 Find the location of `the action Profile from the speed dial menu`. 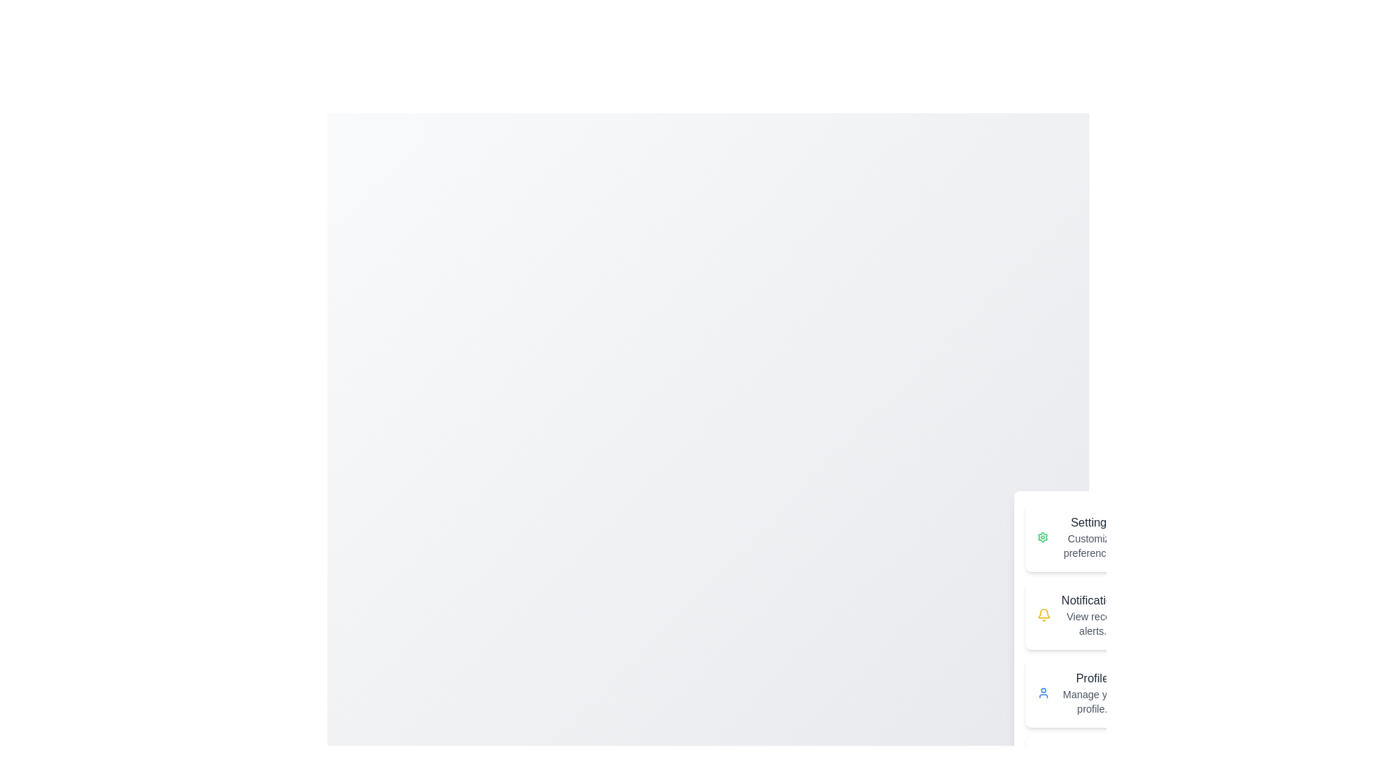

the action Profile from the speed dial menu is located at coordinates (1081, 692).